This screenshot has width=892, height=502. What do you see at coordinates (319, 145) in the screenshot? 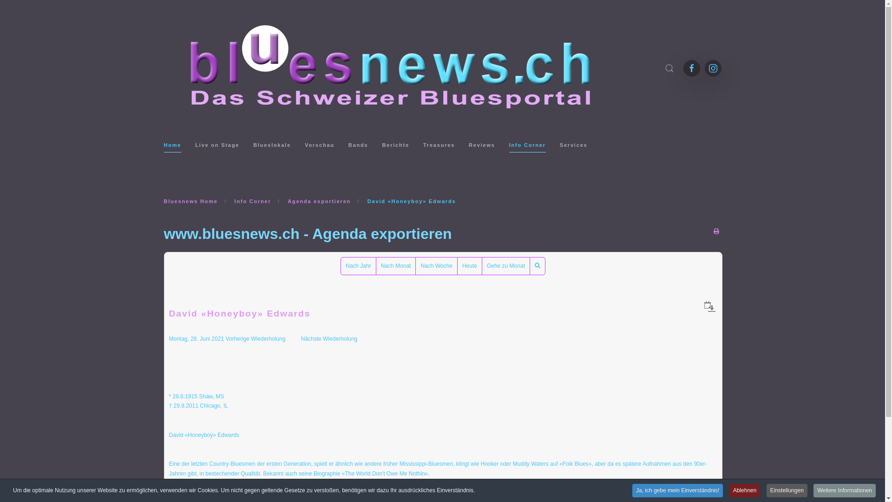
I see `'Vorschau'` at bounding box center [319, 145].